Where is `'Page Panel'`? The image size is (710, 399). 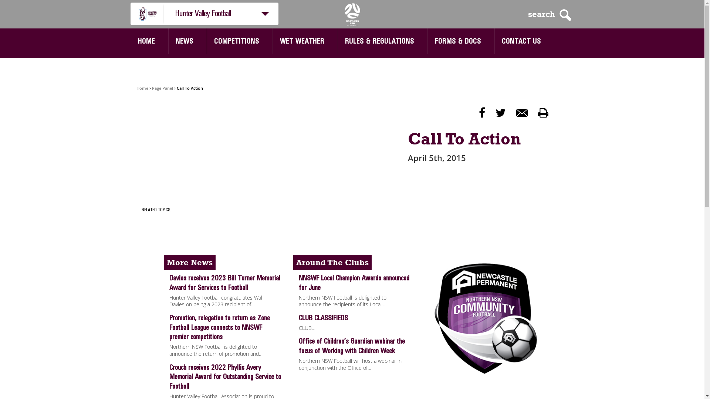 'Page Panel' is located at coordinates (151, 88).